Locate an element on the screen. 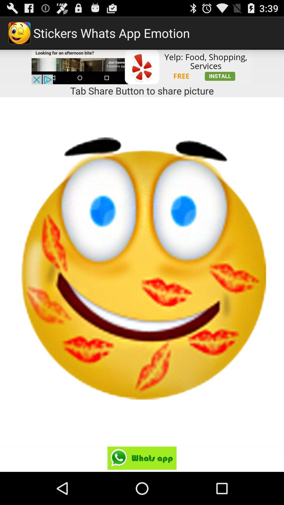 The width and height of the screenshot is (284, 505). advertisement link is located at coordinates (142, 67).